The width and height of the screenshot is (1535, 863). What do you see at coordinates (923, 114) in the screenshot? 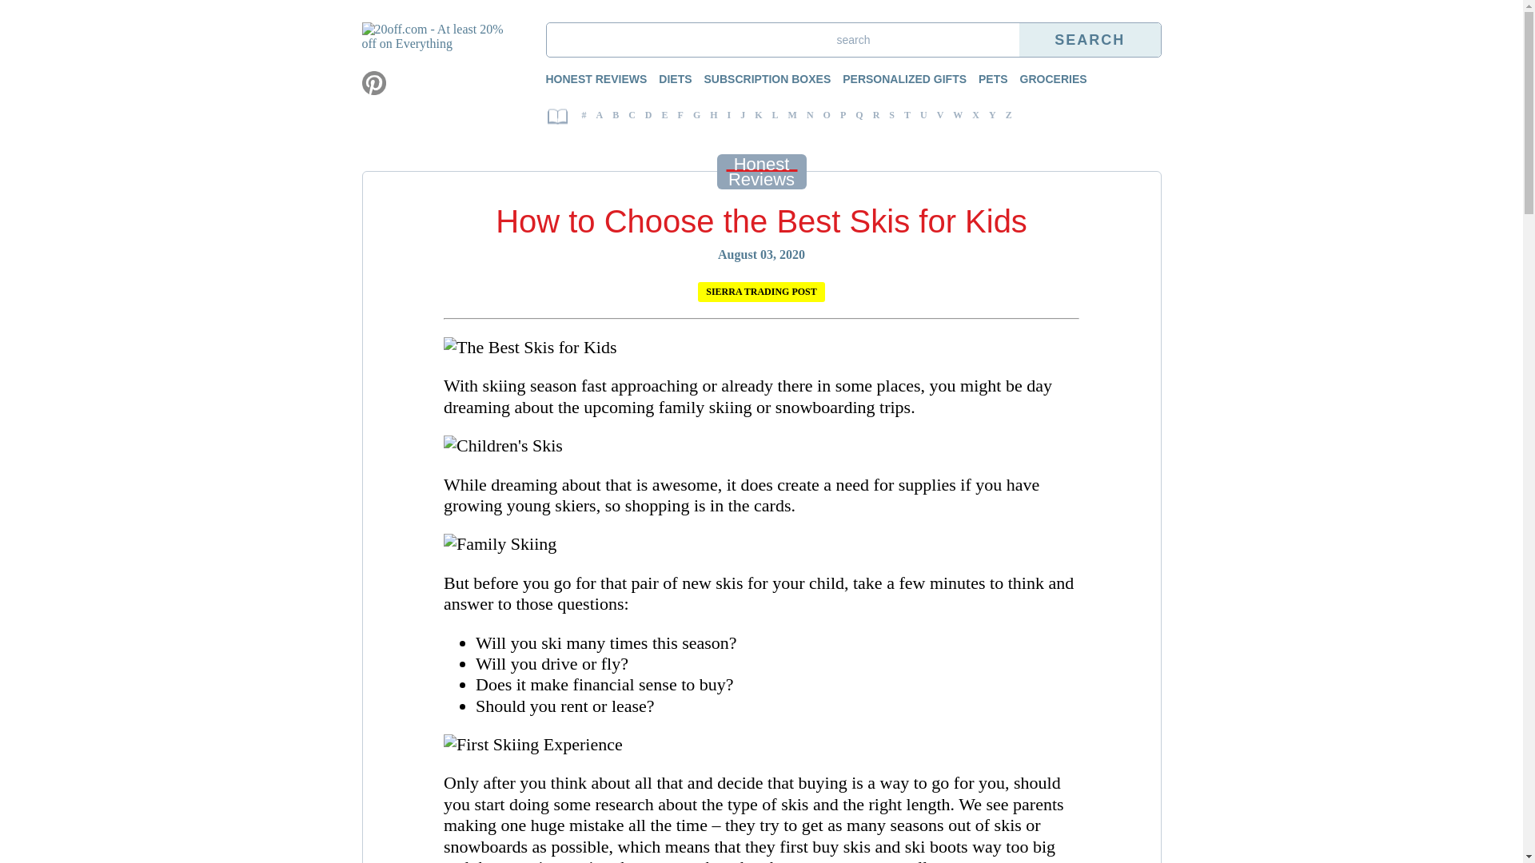
I see `'U'` at bounding box center [923, 114].